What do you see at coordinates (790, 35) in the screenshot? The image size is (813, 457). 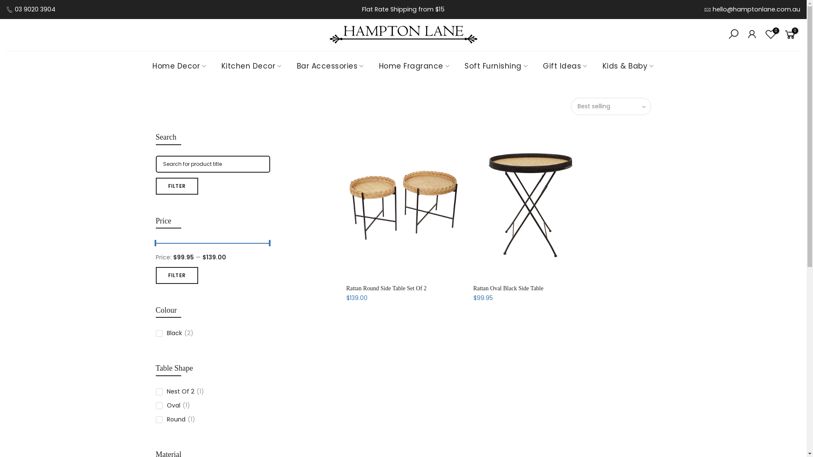 I see `'0'` at bounding box center [790, 35].